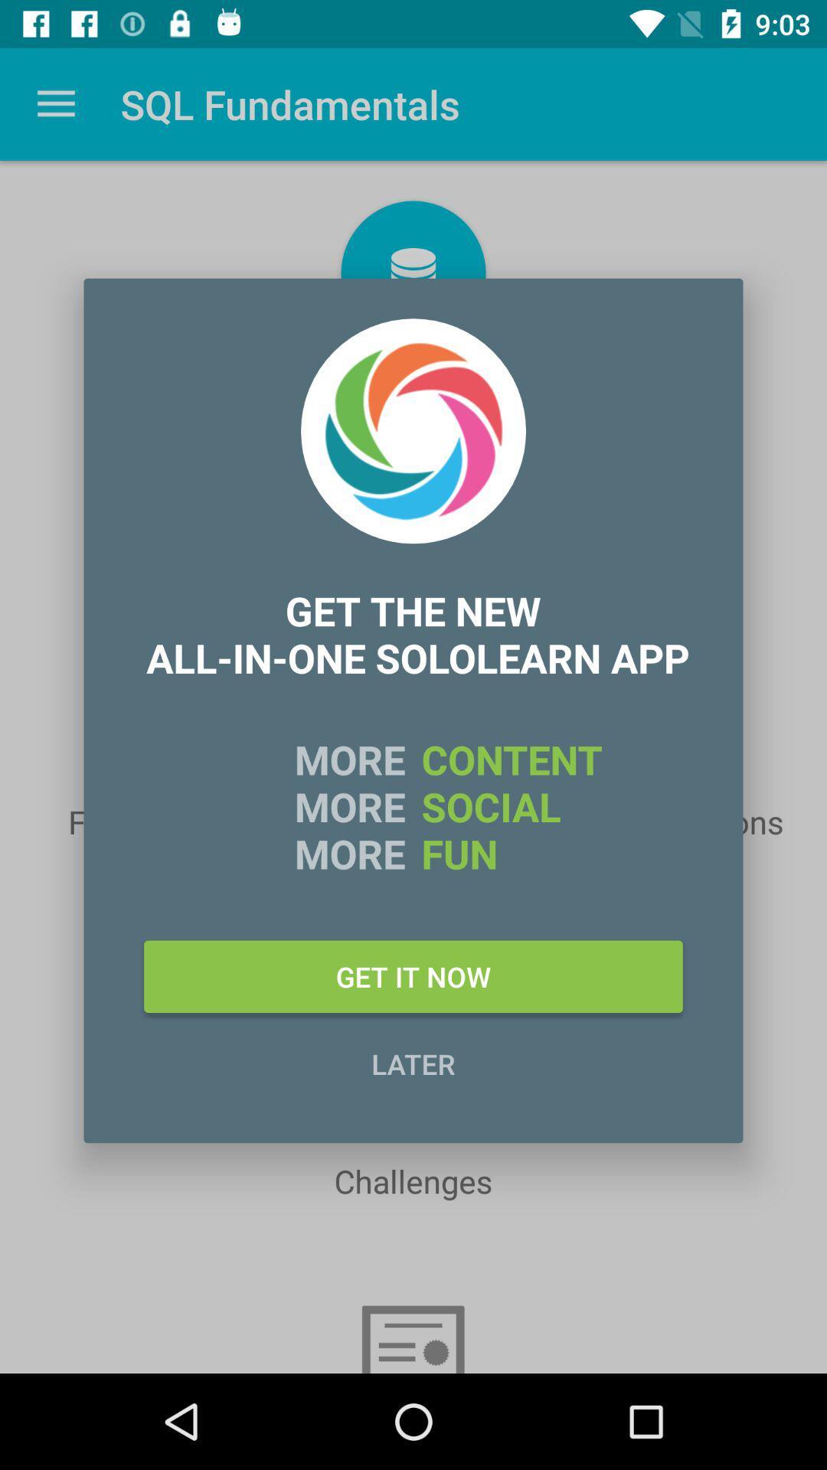  I want to click on the later item, so click(413, 1063).